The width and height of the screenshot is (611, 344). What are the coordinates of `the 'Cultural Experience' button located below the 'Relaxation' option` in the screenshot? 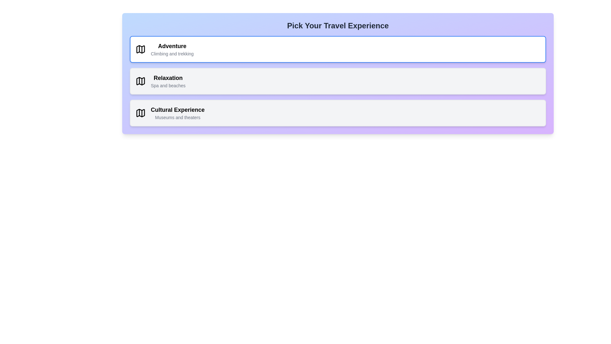 It's located at (337, 112).